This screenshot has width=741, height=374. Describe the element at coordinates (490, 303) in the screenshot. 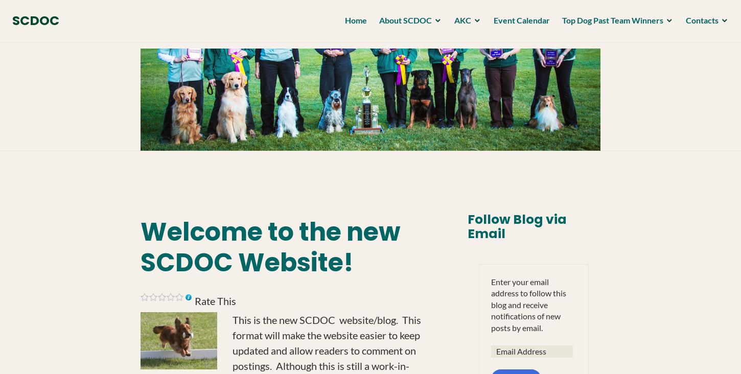

I see `'Enter your email address to follow this blog and receive notifications of new posts by email.'` at that location.